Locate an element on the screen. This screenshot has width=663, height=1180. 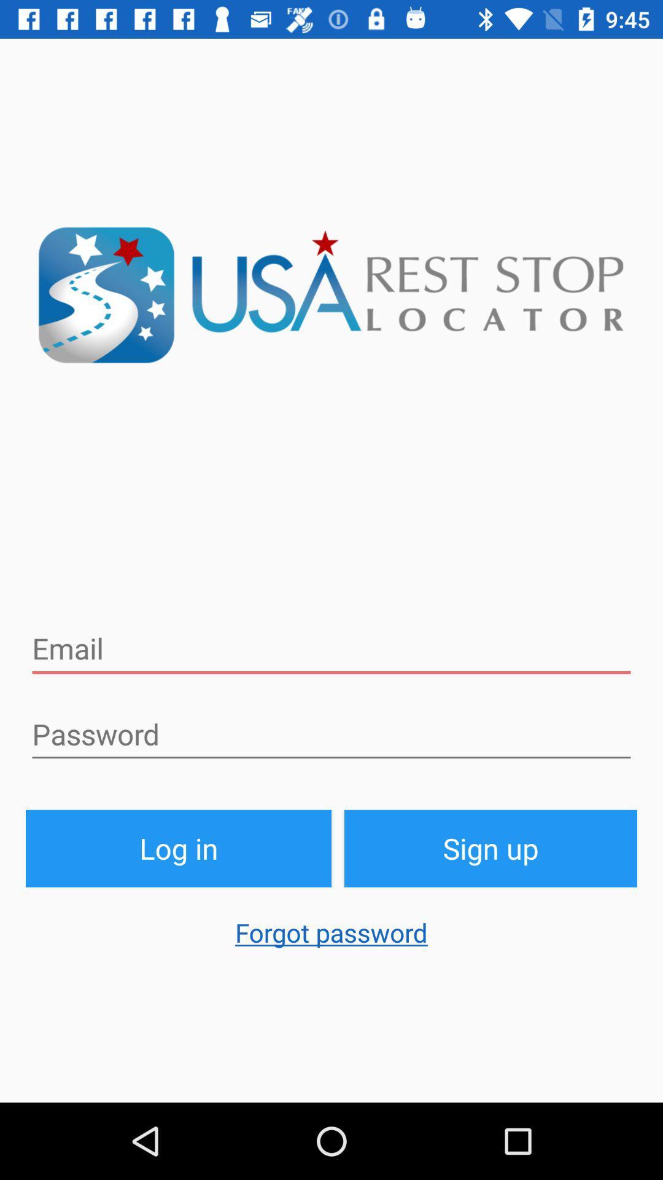
the button above the forgot password item is located at coordinates (178, 848).